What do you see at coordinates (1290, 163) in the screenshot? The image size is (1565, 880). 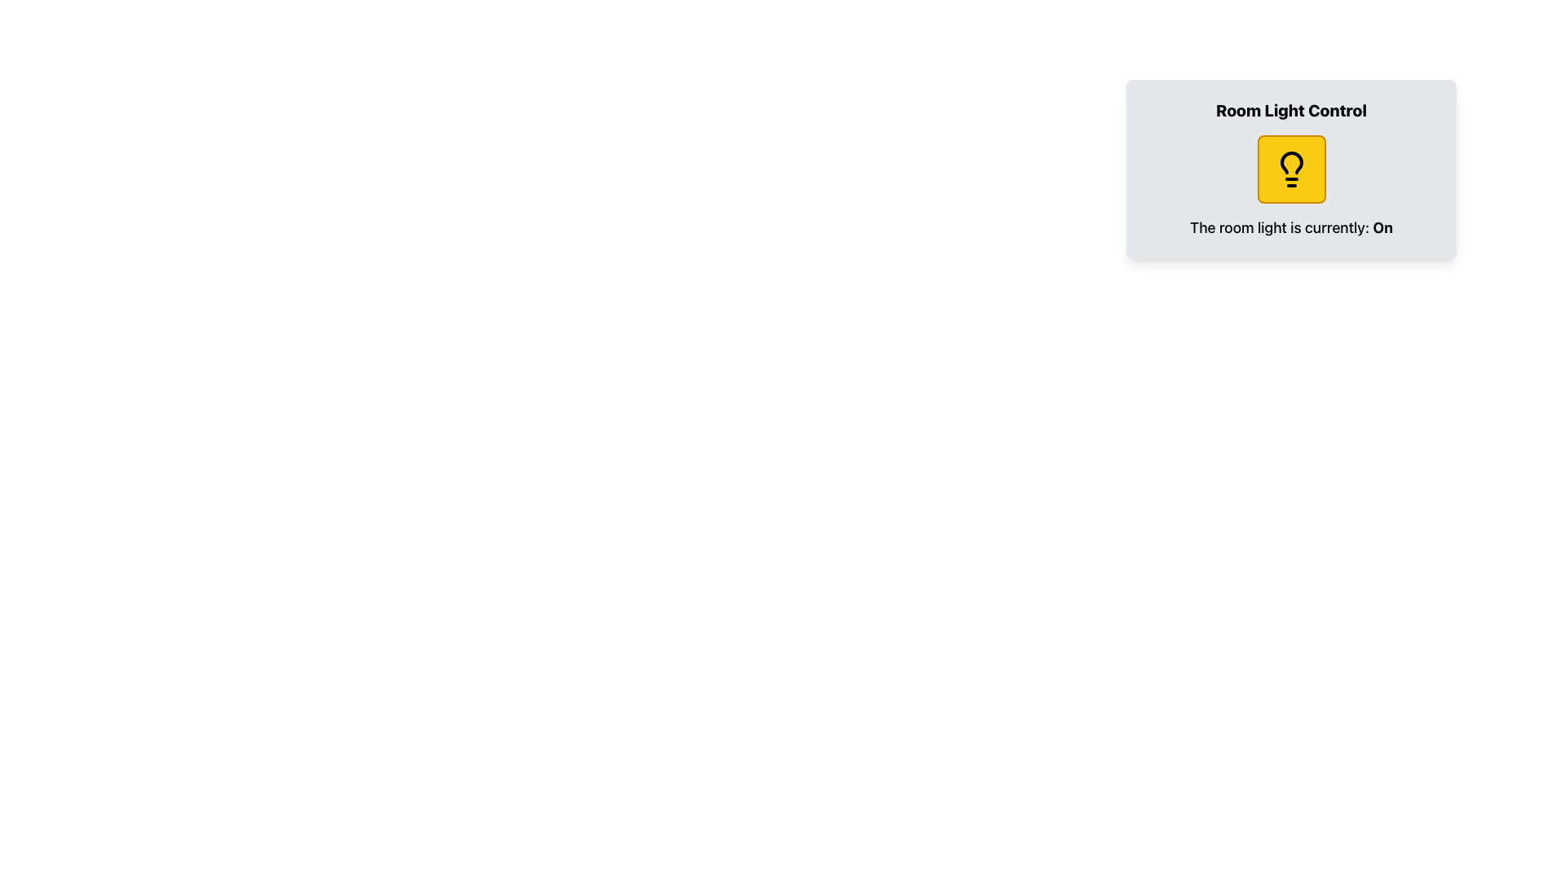 I see `the upper filament section of the lightbulb icon within the yellow circular background, located in the middle of the widget below the text 'Room Light Control'` at bounding box center [1290, 163].